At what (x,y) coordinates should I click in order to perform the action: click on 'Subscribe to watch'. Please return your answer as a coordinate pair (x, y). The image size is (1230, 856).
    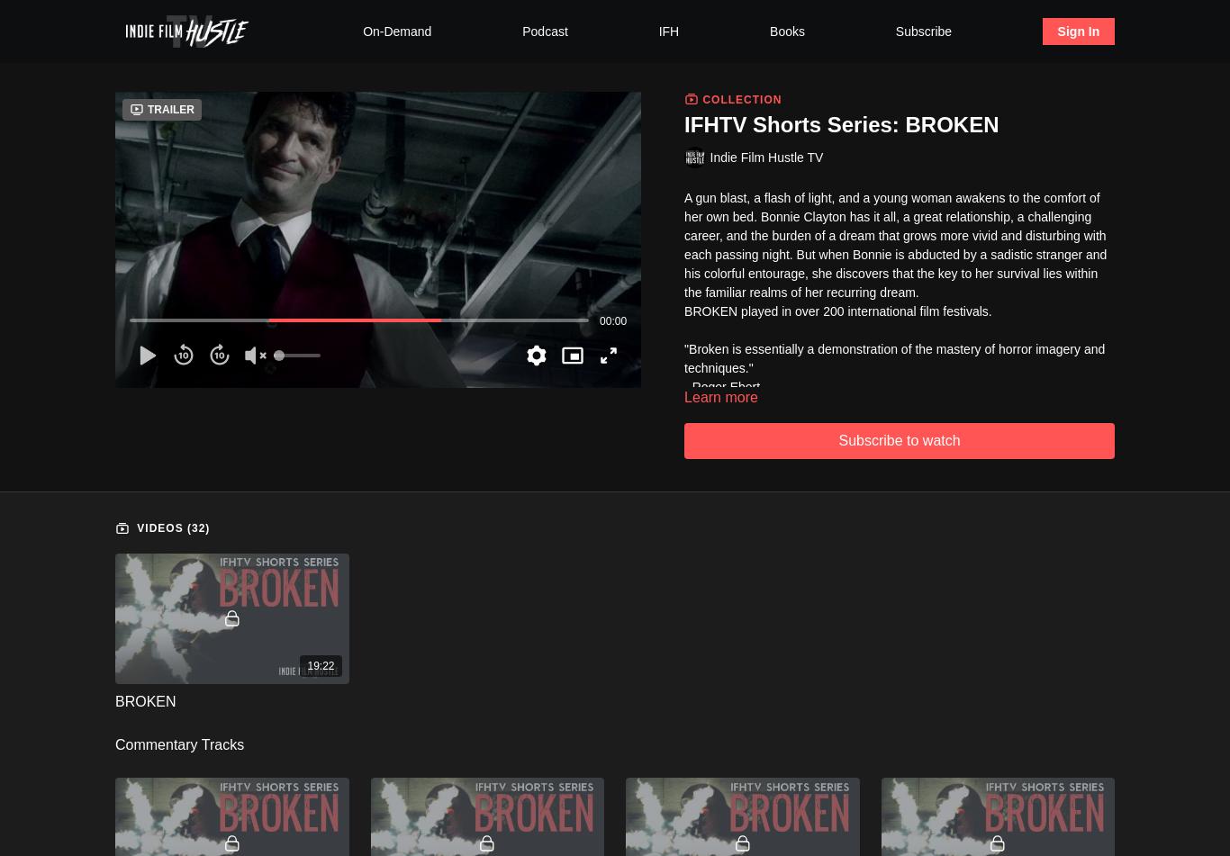
    Looking at the image, I should click on (899, 438).